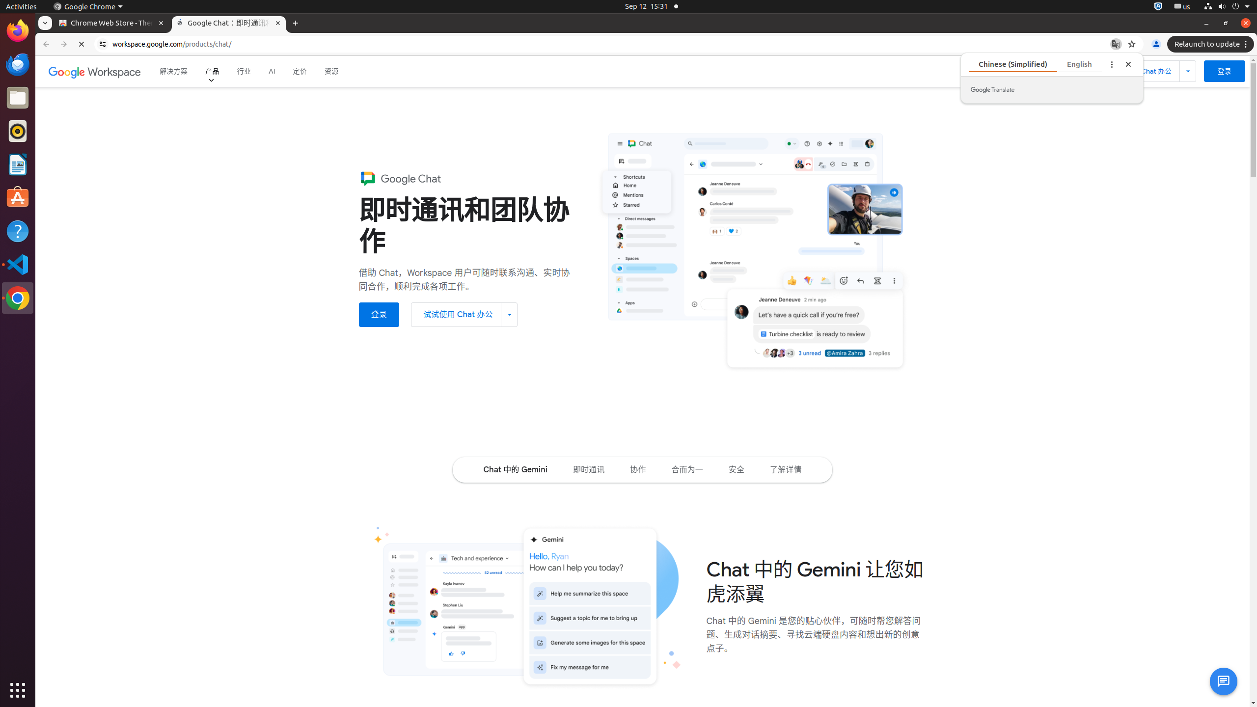 This screenshot has height=707, width=1257. Describe the element at coordinates (1035, 64) in the screenshot. I see `'Chinese (Simplified)'` at that location.